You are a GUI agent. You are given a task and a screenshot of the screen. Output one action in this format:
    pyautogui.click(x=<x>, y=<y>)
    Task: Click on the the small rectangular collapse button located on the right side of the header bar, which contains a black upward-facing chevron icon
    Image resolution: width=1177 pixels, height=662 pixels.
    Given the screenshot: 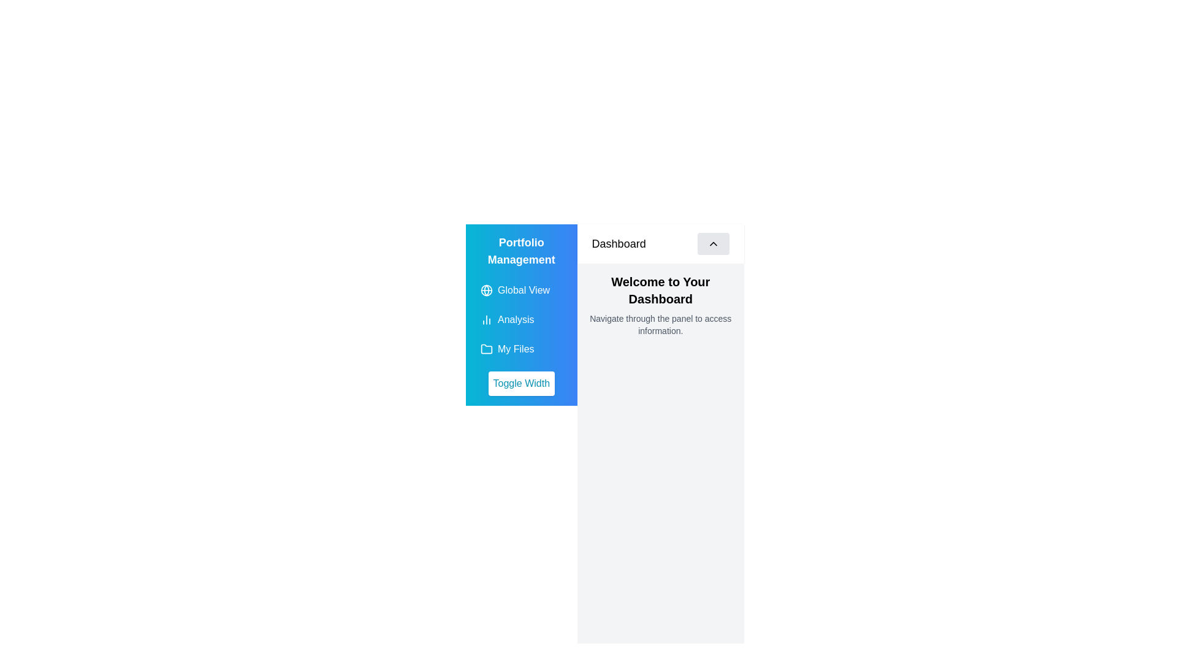 What is the action you would take?
    pyautogui.click(x=713, y=243)
    